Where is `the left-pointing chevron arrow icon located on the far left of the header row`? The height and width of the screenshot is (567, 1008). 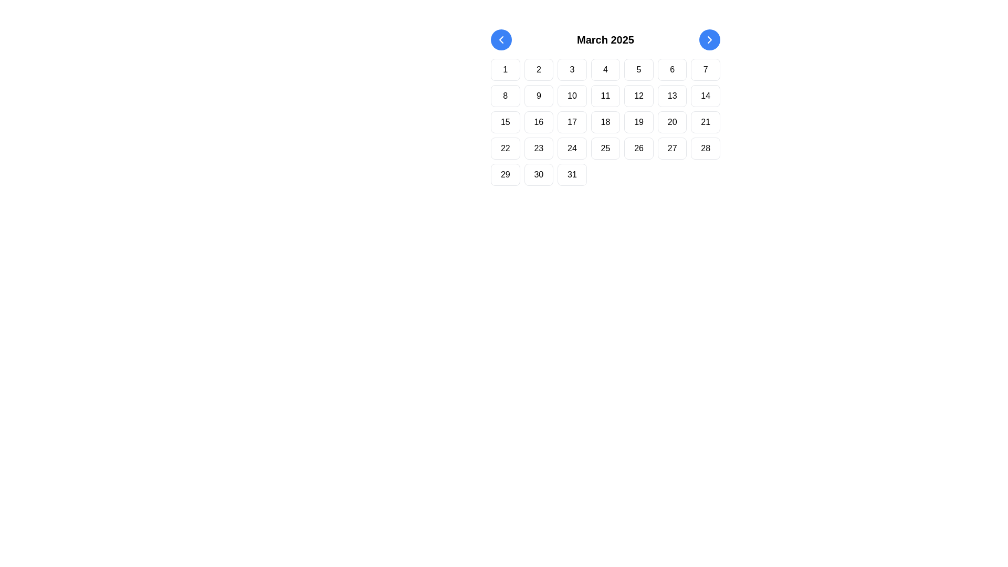 the left-pointing chevron arrow icon located on the far left of the header row is located at coordinates (501, 39).